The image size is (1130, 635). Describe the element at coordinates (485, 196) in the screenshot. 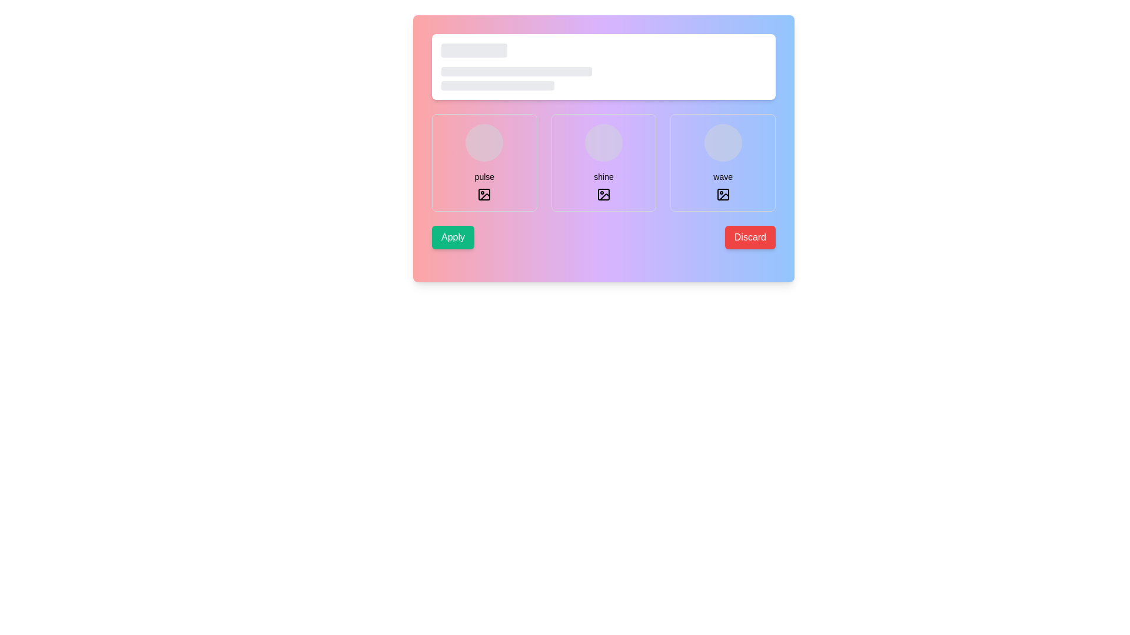

I see `the 'image not available' icon located in the first card of a three-card layout, situated below the circular placeholder and above the 'pulse' label` at that location.